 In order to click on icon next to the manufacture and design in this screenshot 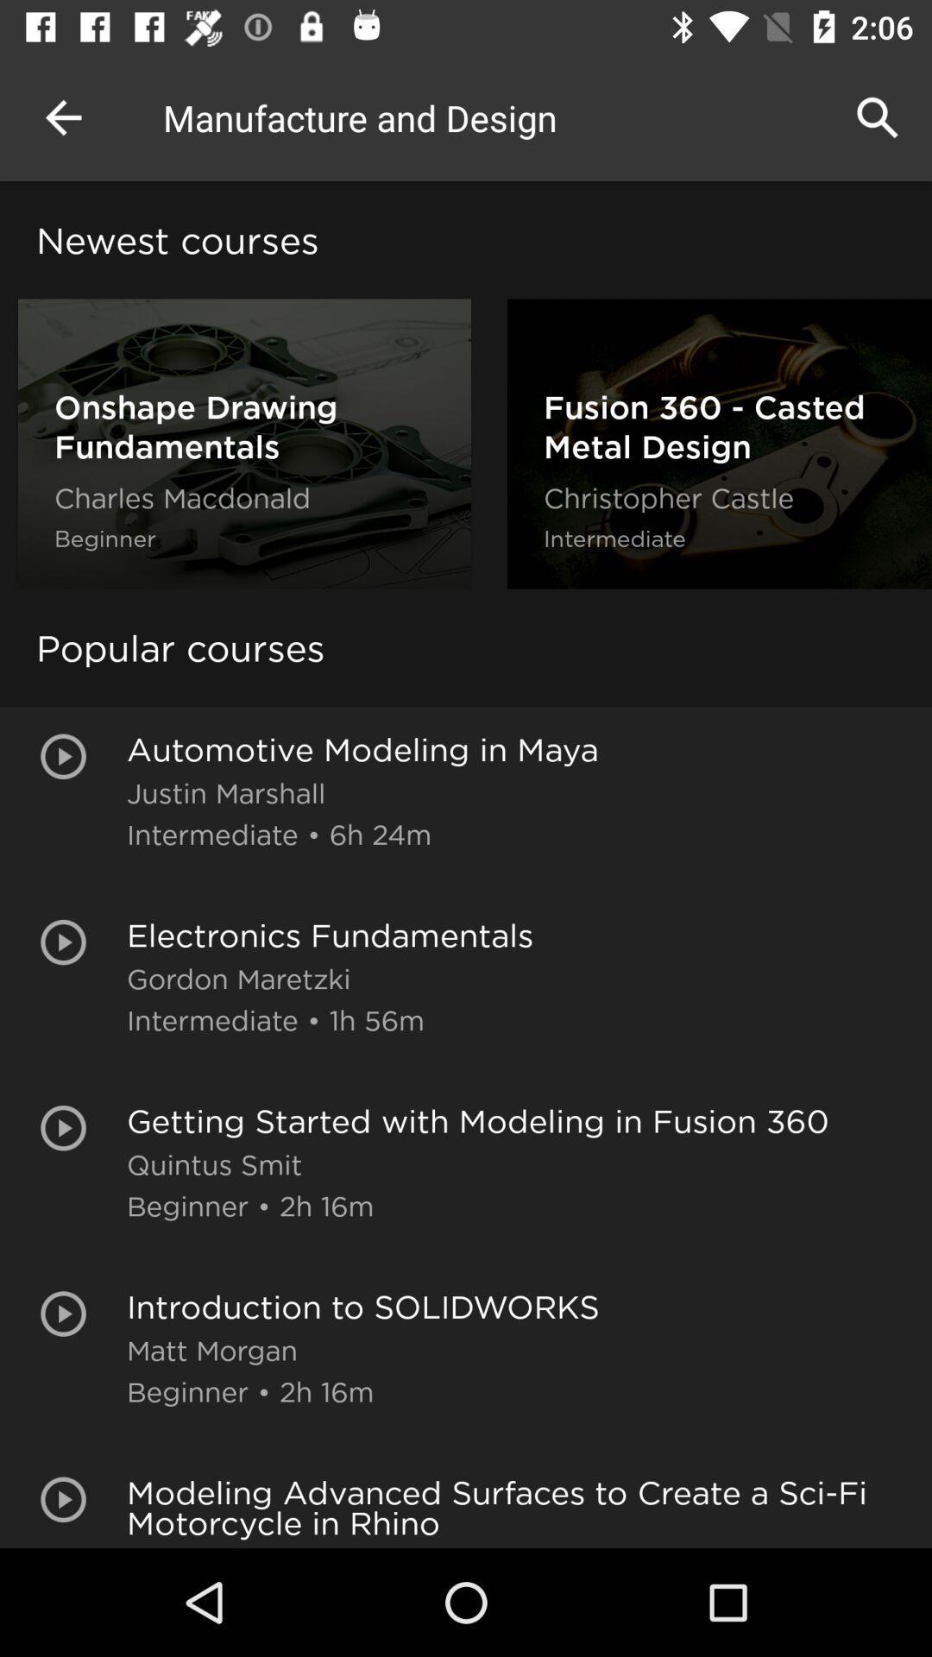, I will do `click(62, 117)`.